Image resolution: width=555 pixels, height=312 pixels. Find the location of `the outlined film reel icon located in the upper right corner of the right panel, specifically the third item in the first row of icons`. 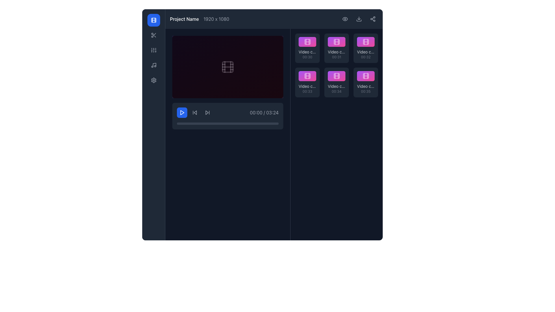

the outlined film reel icon located in the upper right corner of the right panel, specifically the third item in the first row of icons is located at coordinates (365, 42).